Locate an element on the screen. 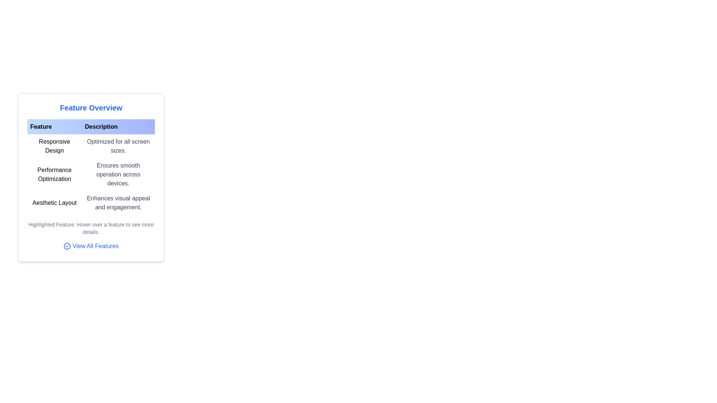  the third Text Block in the feature listing that describes the 'Aesthetic Layout', located below 'Performance Optimization' is located at coordinates (91, 203).